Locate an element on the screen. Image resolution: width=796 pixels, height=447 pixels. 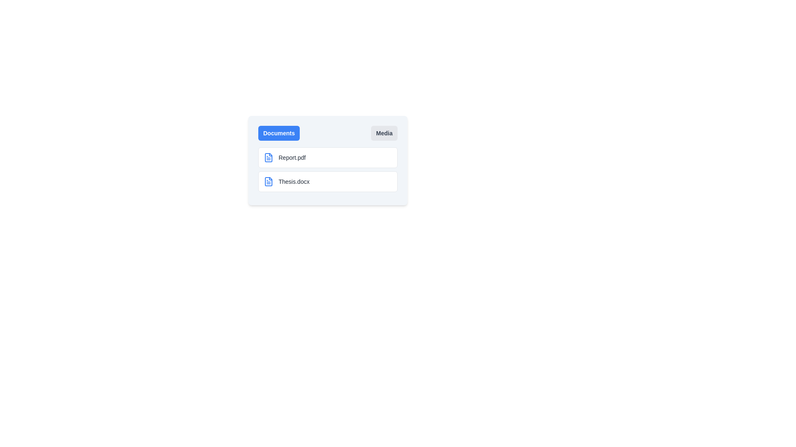
the text label displaying 'Thesis.docx', which is styled with a medium font weight and dark gray color, positioned to the right of a document icon is located at coordinates (294, 181).